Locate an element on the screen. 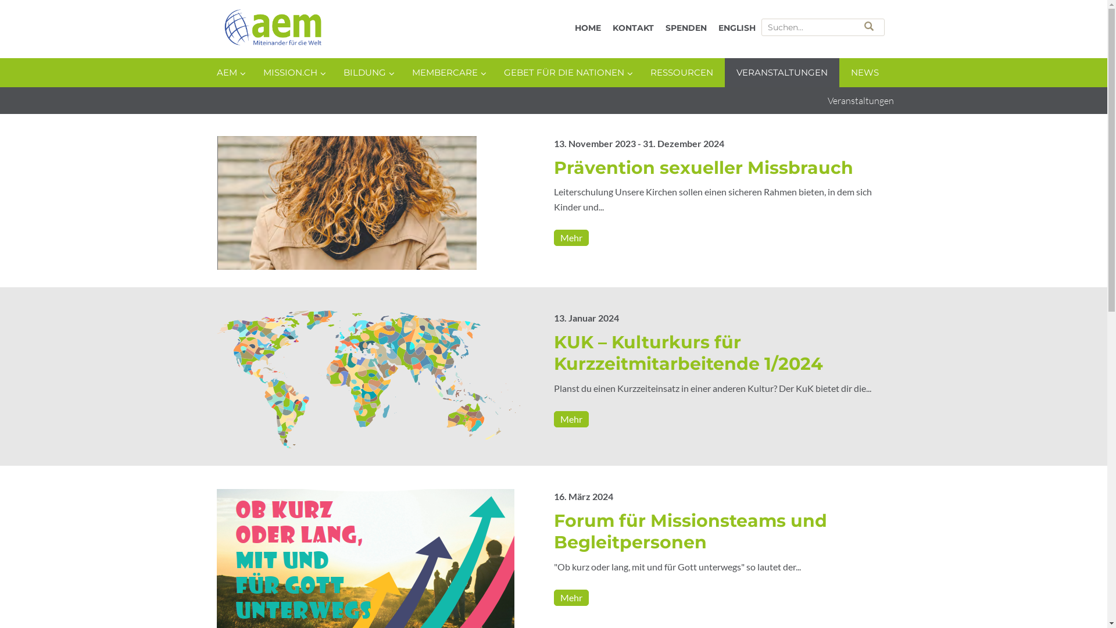 The width and height of the screenshot is (1116, 628). 'SPENDEN' is located at coordinates (685, 27).